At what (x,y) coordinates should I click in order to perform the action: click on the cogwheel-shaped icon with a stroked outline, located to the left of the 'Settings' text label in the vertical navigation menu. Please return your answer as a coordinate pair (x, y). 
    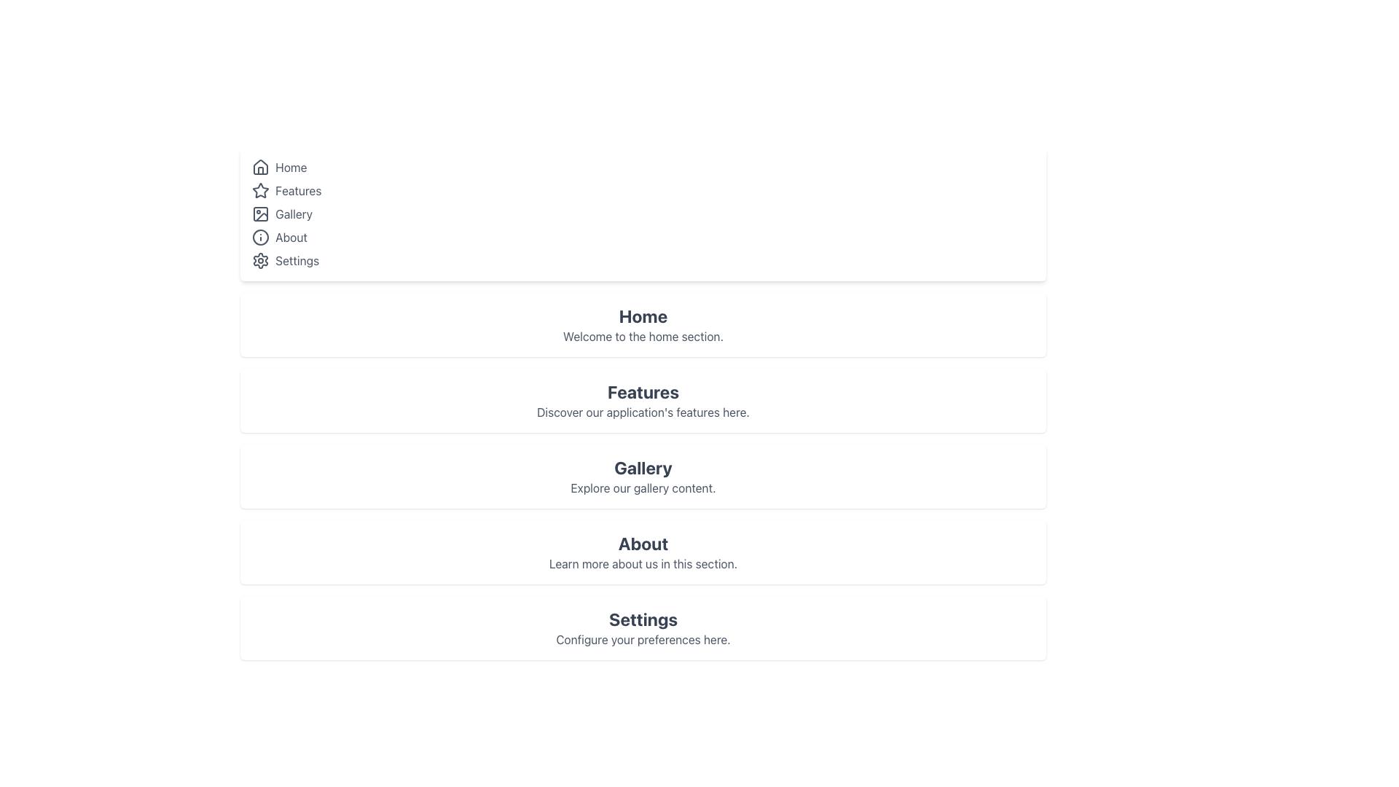
    Looking at the image, I should click on (261, 260).